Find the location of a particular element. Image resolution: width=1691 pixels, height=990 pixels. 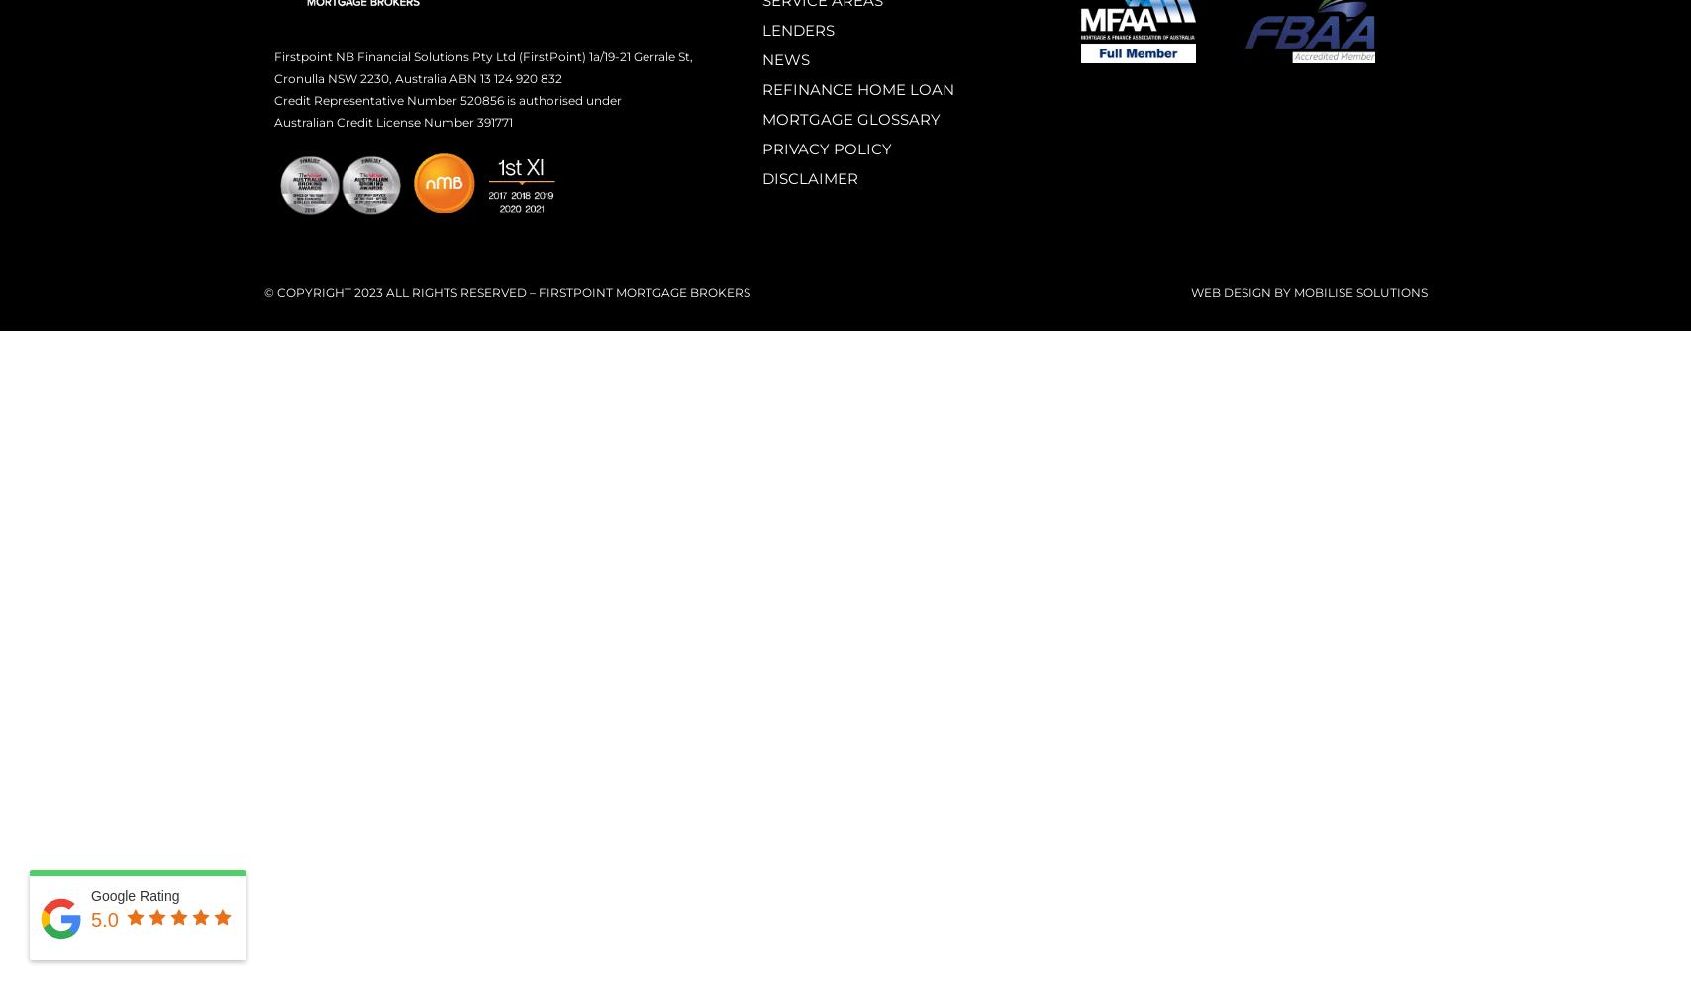

'Credit Representative Number 520856 is authorised under' is located at coordinates (447, 98).